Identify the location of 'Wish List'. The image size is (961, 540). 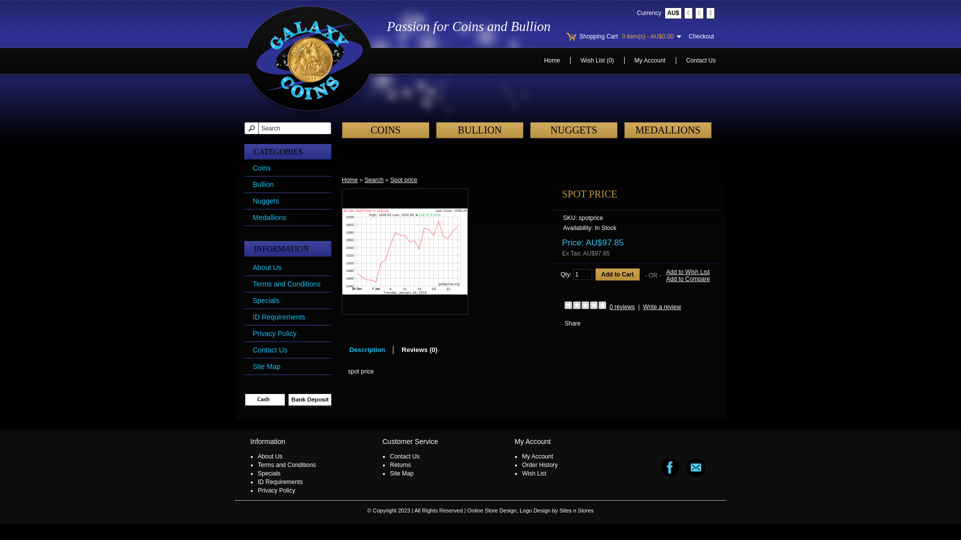
(534, 473).